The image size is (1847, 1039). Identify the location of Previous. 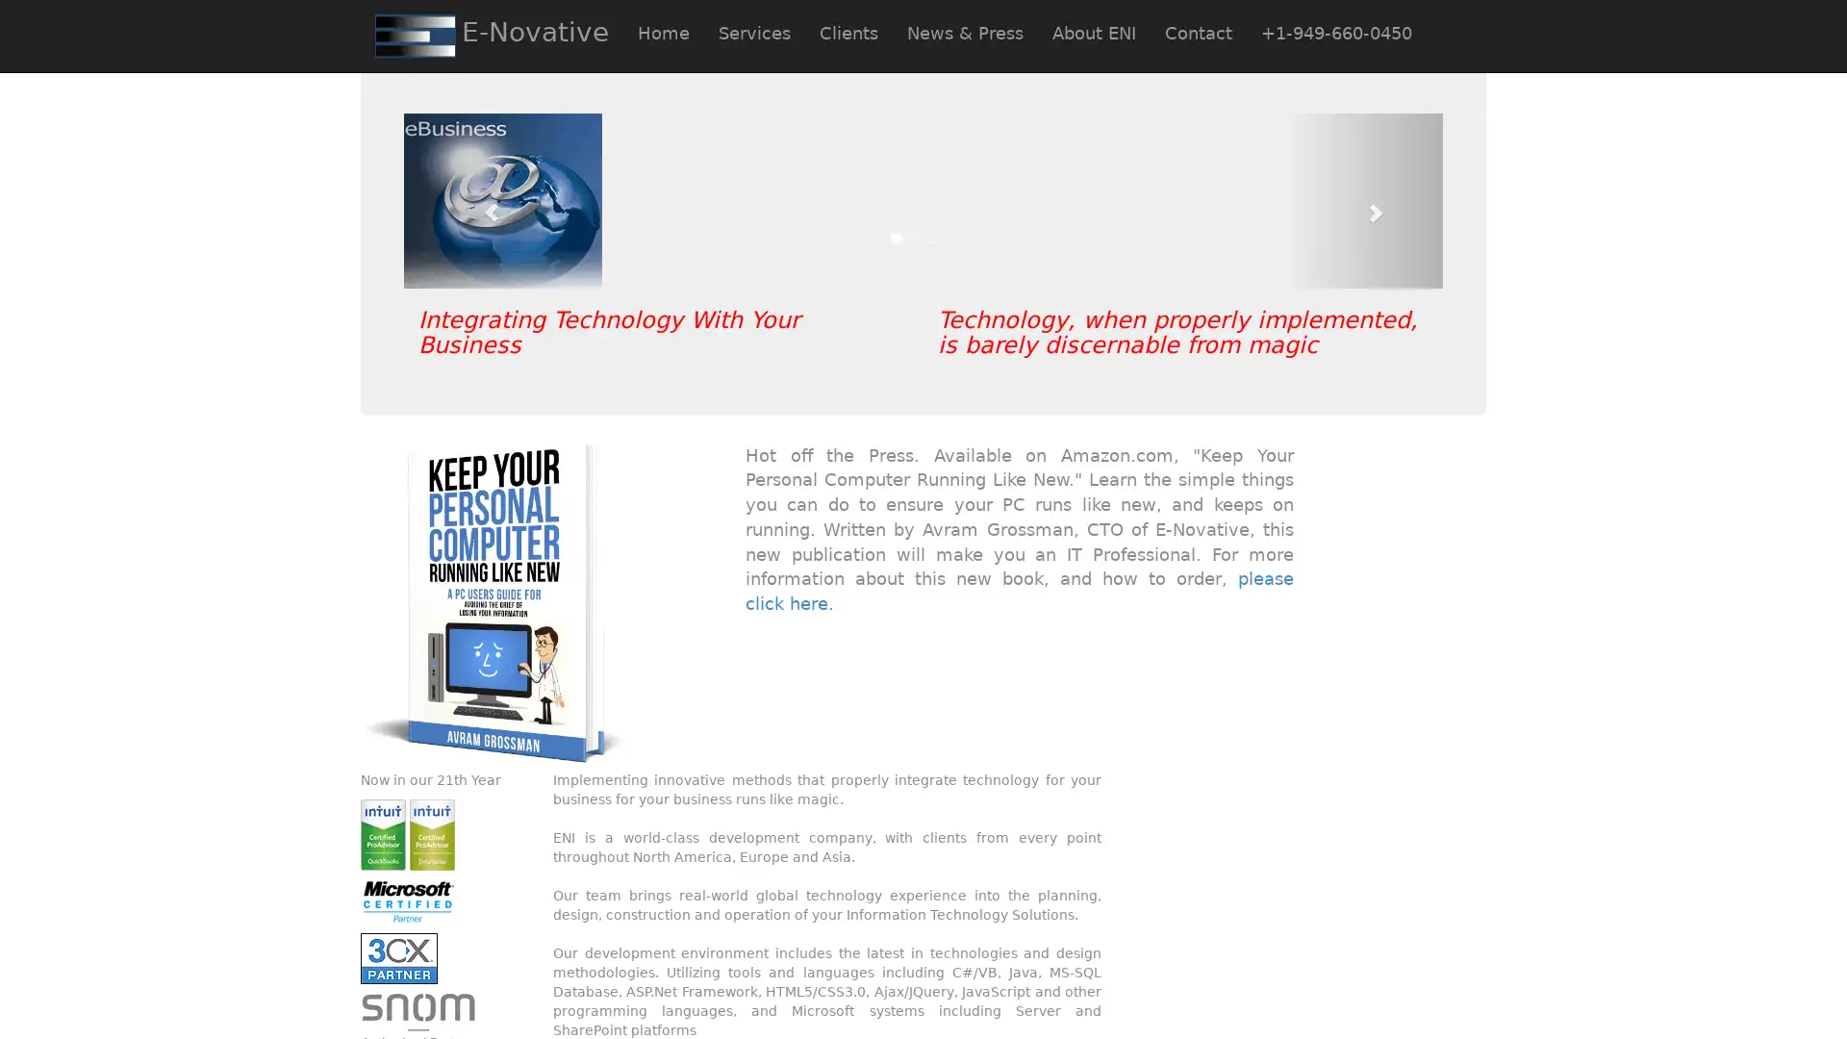
(481, 200).